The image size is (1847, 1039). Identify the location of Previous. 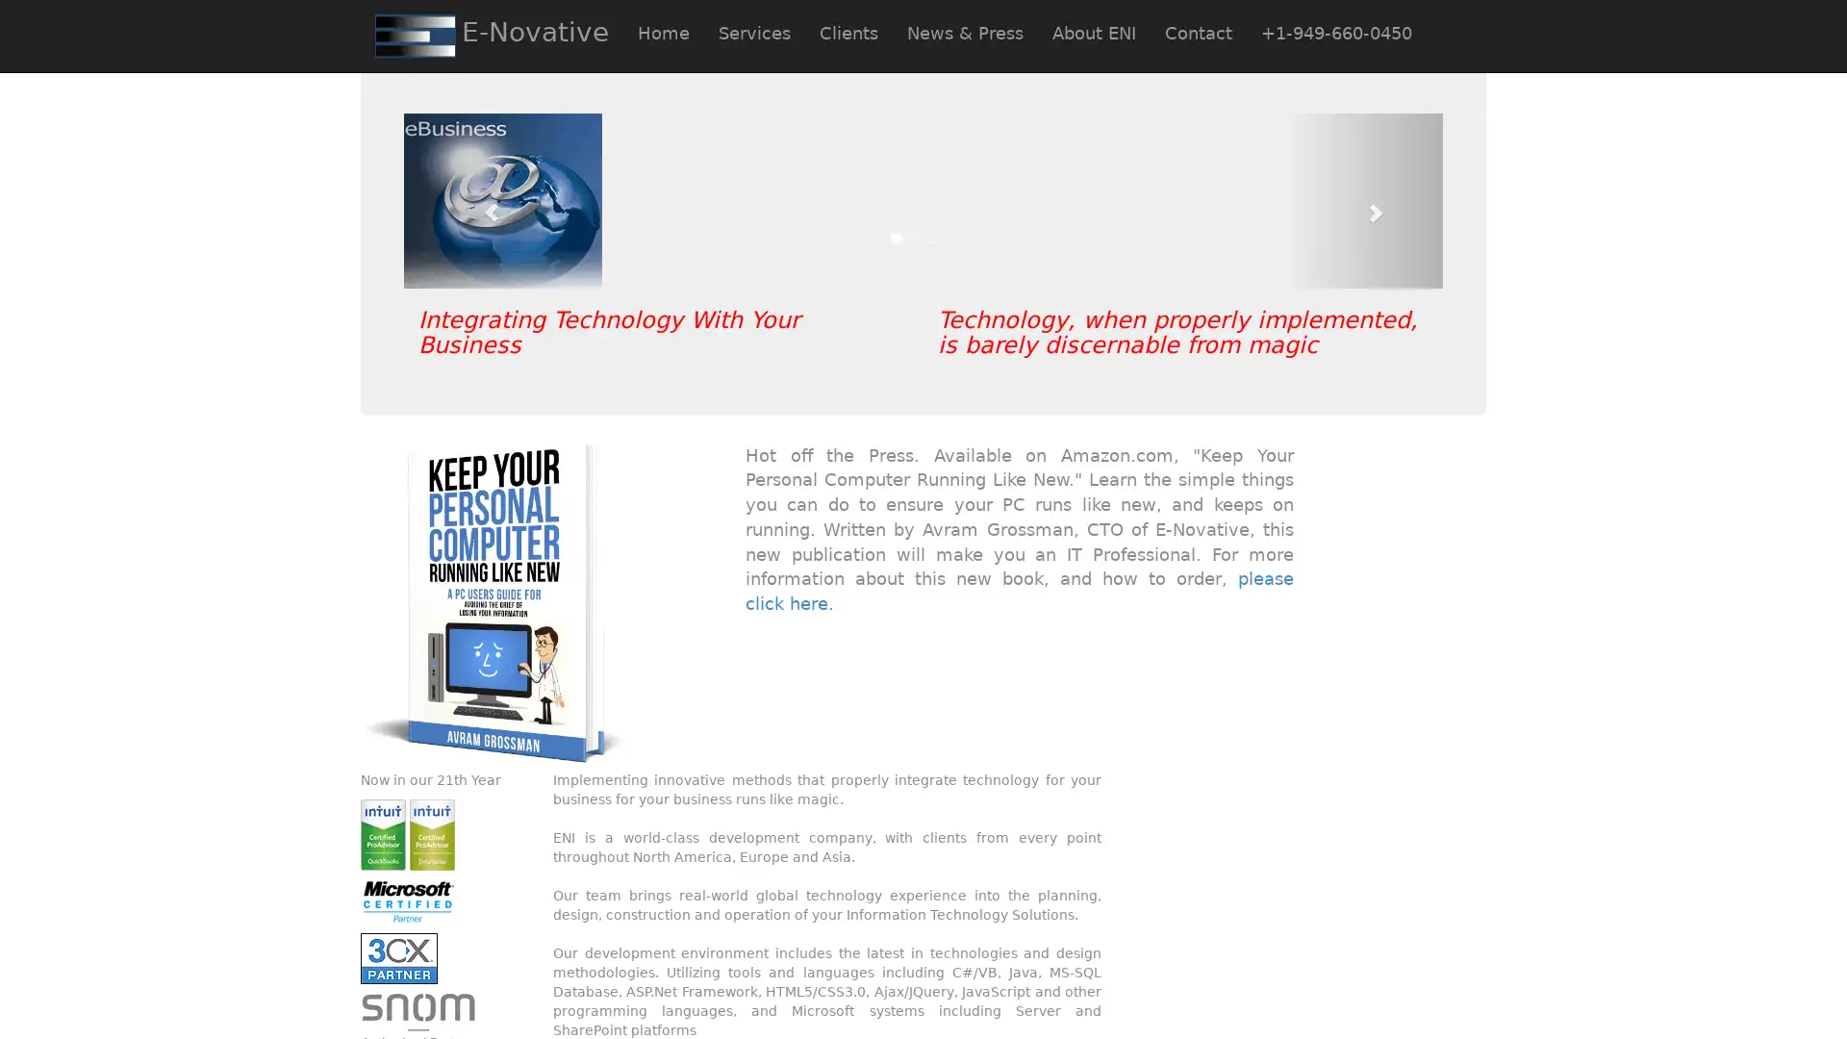
(481, 200).